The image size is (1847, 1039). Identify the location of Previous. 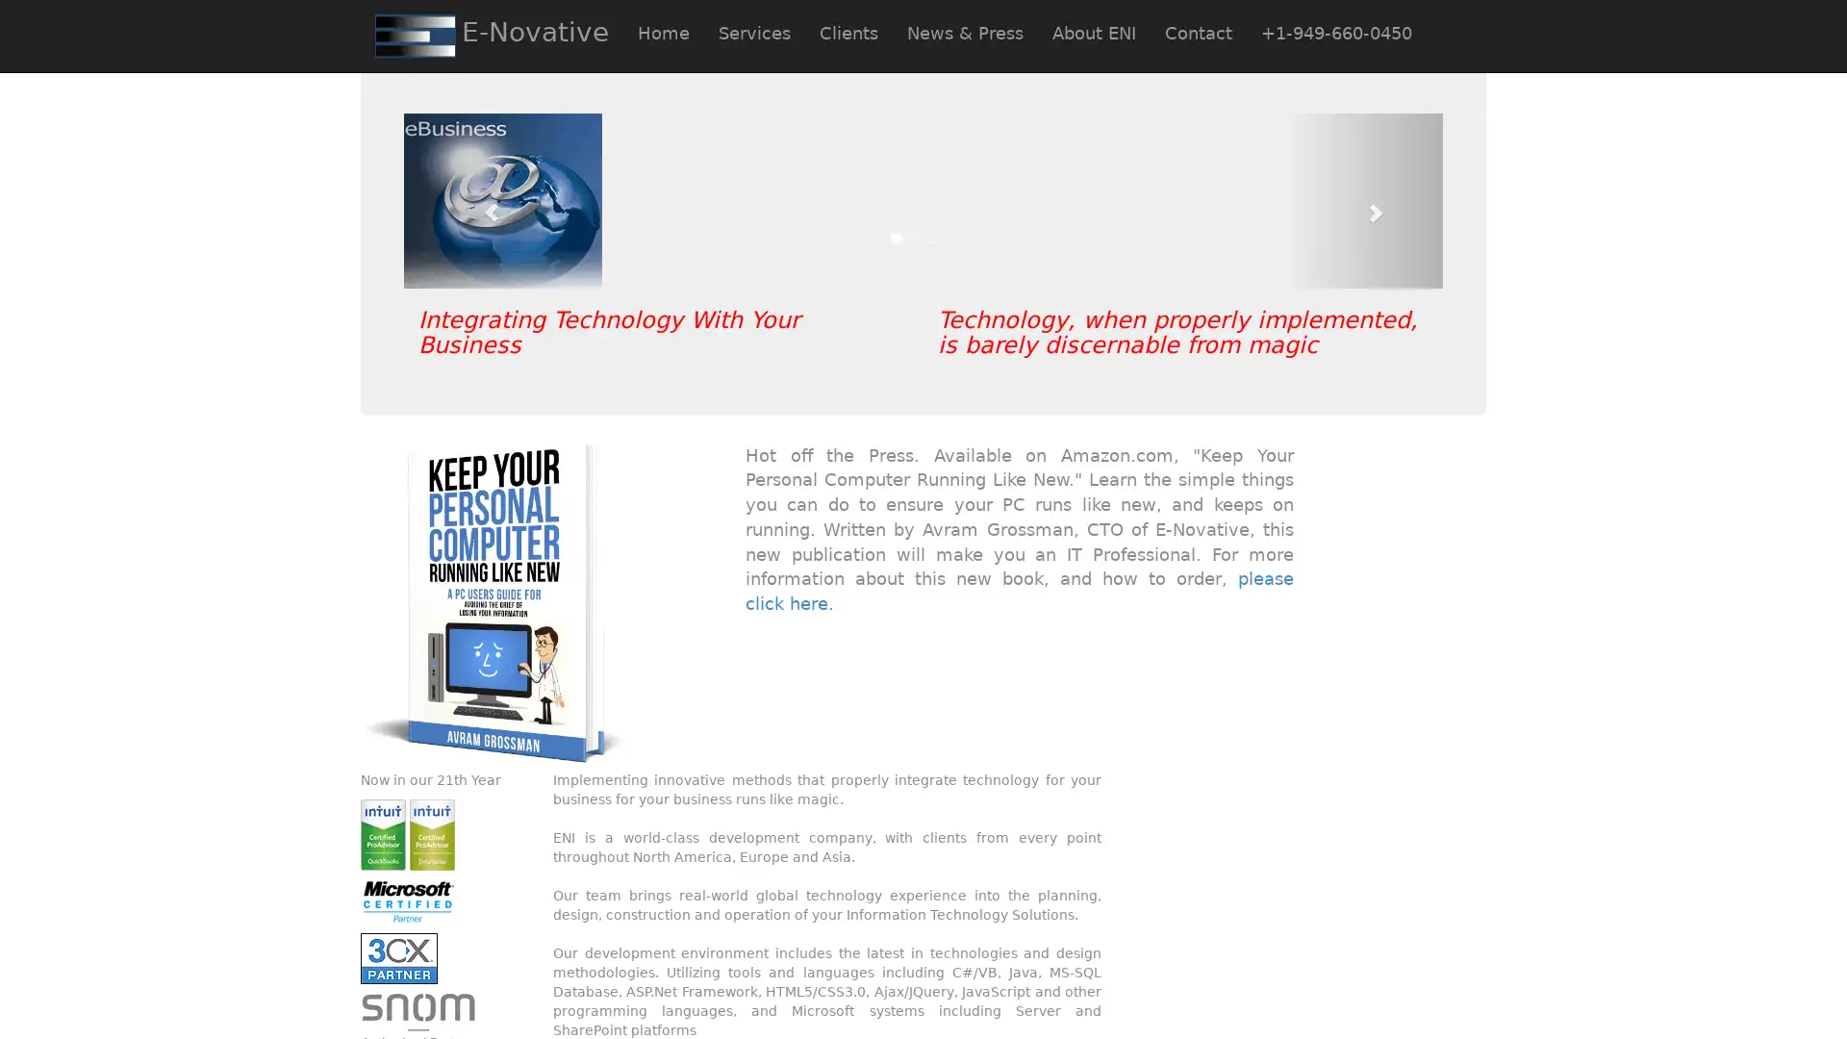
(481, 200).